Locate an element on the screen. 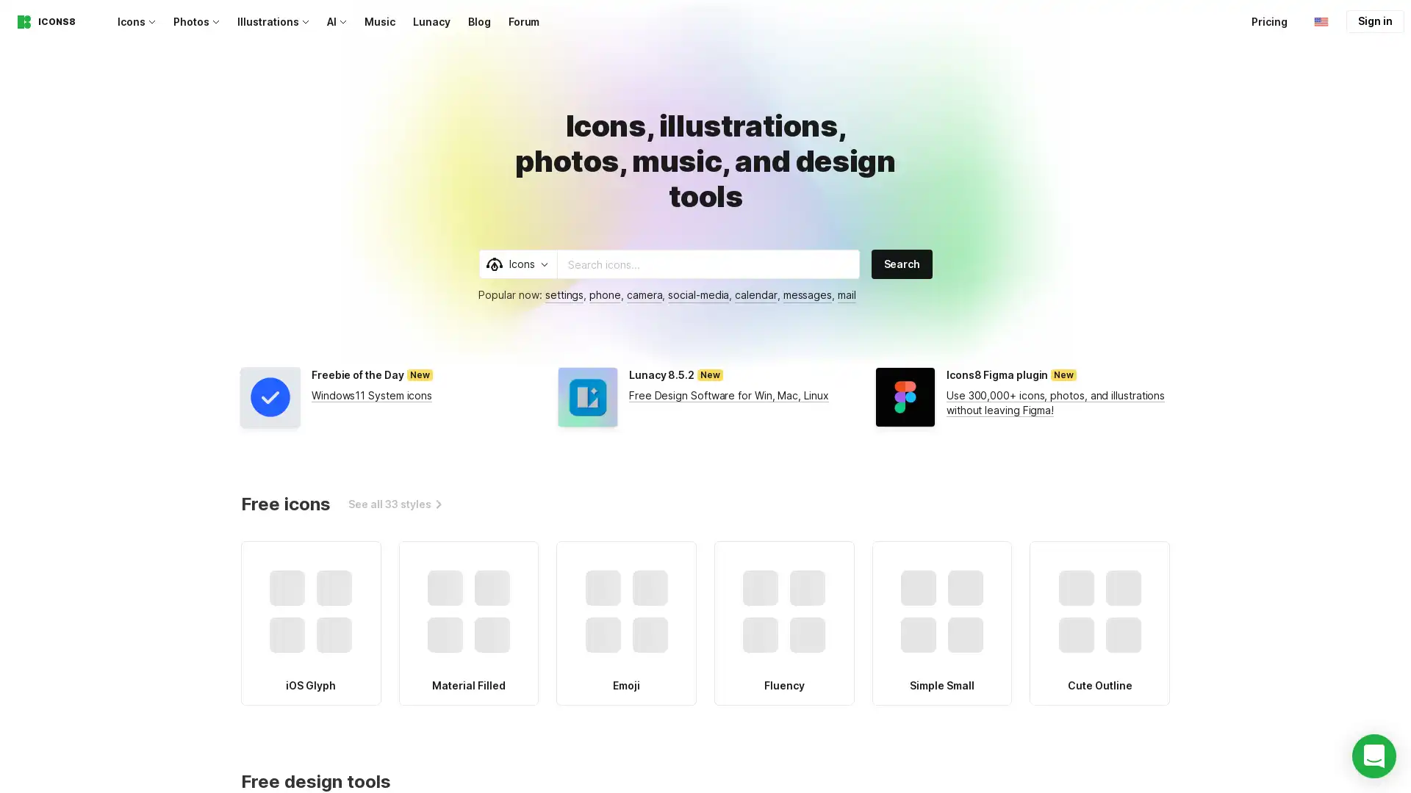 This screenshot has height=793, width=1411. Open chat with support is located at coordinates (1374, 756).